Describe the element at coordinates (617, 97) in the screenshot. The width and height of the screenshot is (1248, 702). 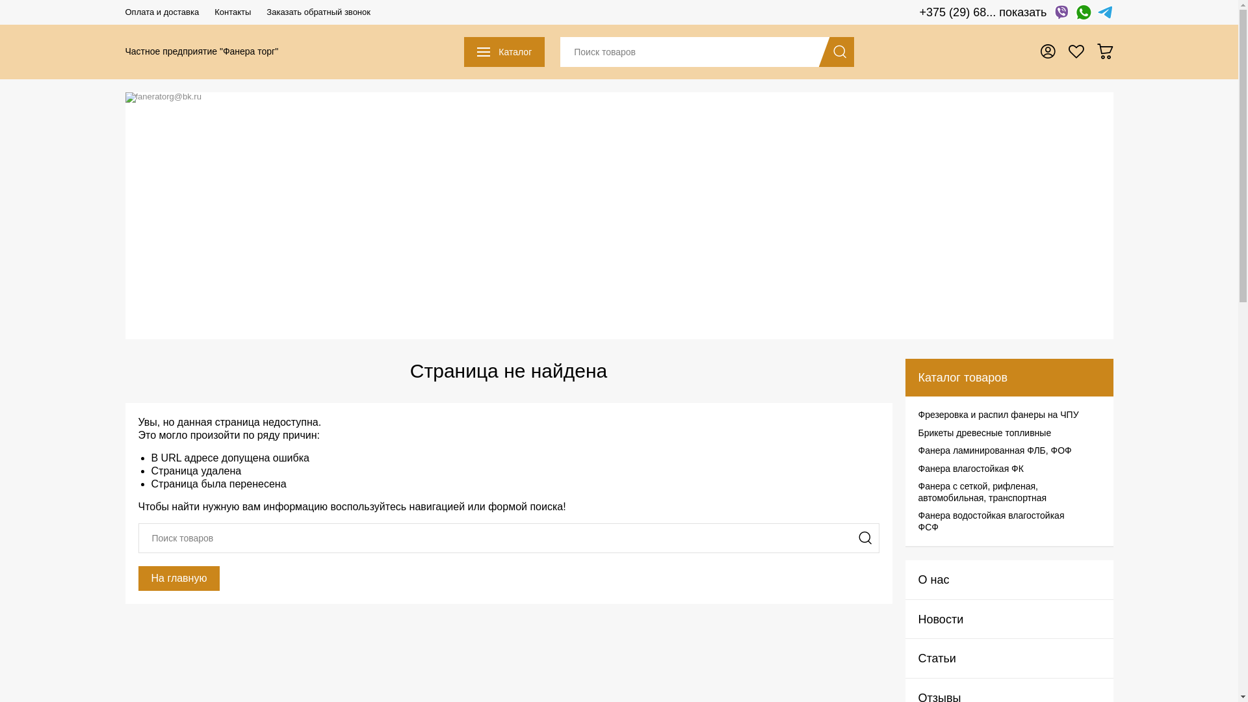
I see `'faneratorg@bk.ru'` at that location.